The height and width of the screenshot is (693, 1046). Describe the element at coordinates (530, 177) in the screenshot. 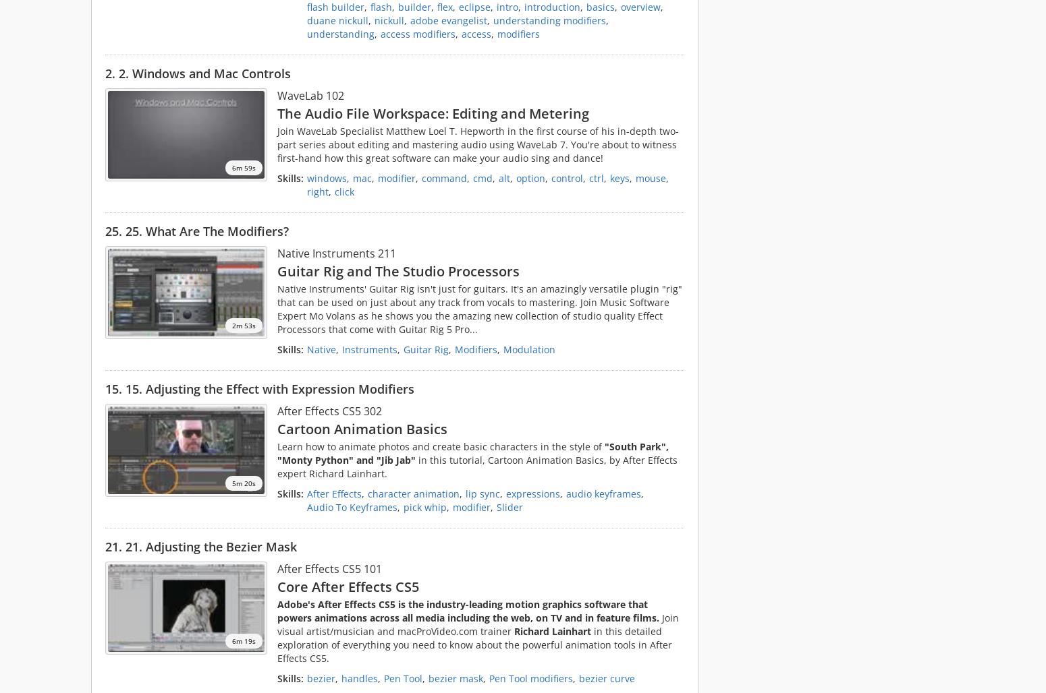

I see `'option'` at that location.